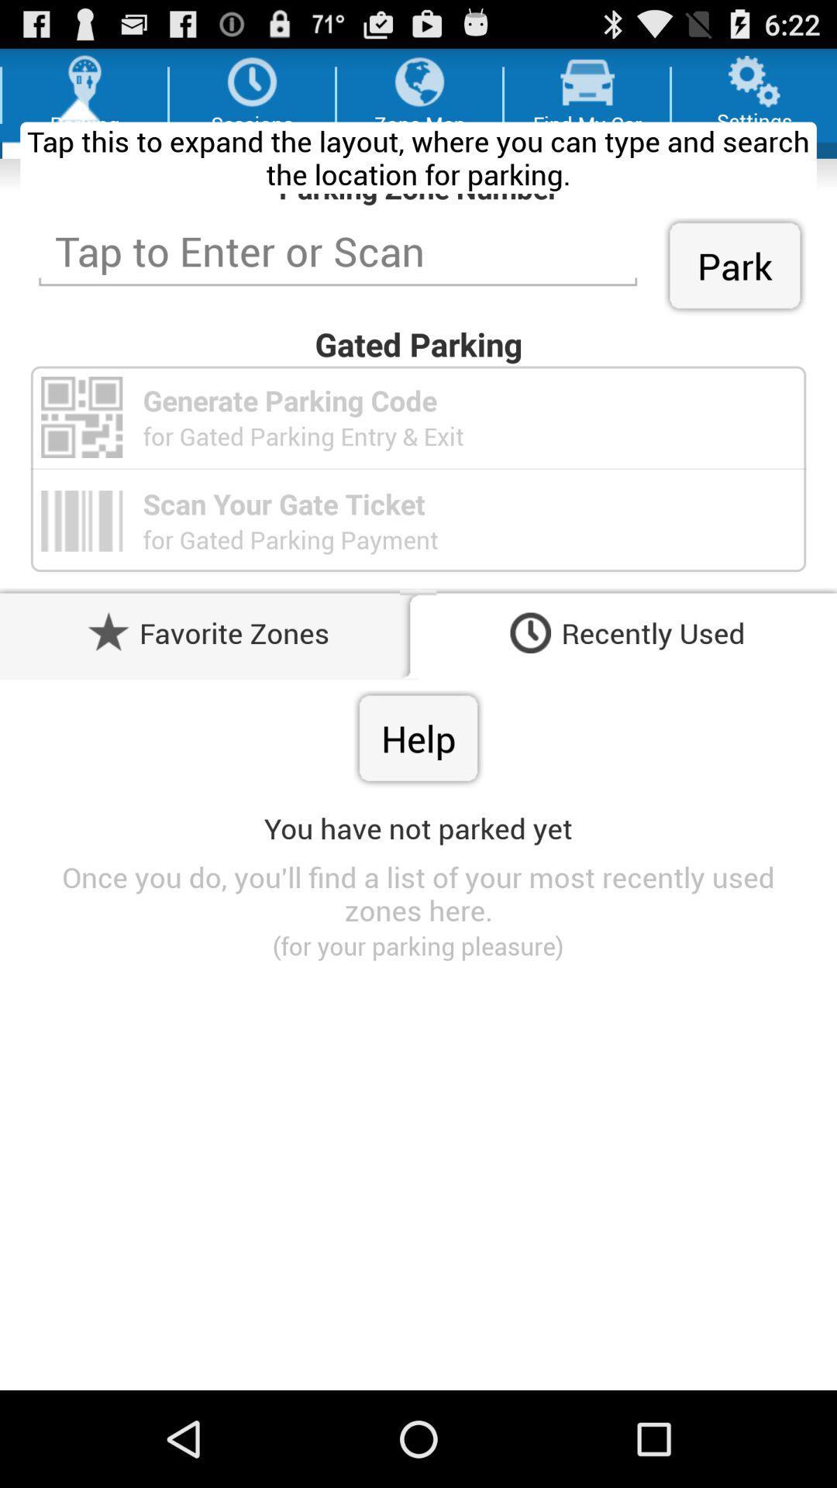 This screenshot has width=837, height=1488. Describe the element at coordinates (251, 81) in the screenshot. I see `the second icon from left` at that location.